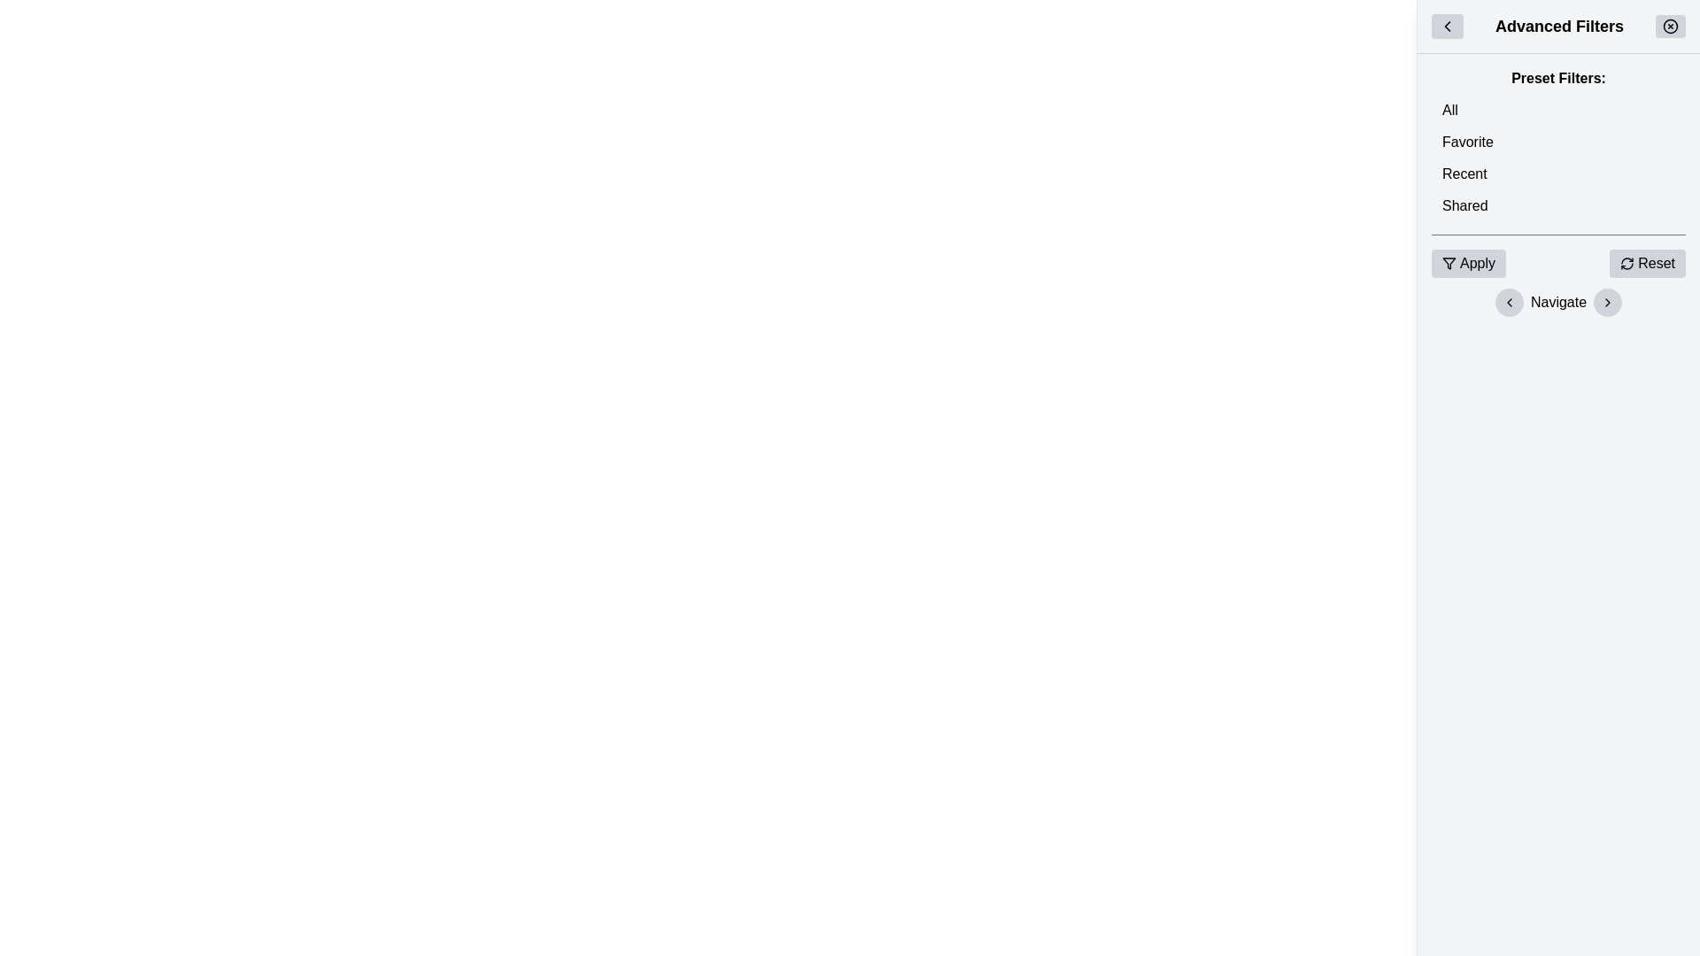 The width and height of the screenshot is (1700, 956). What do you see at coordinates (1558, 173) in the screenshot?
I see `the third button in the 'Preset Filters' group located on the right-hand panel` at bounding box center [1558, 173].